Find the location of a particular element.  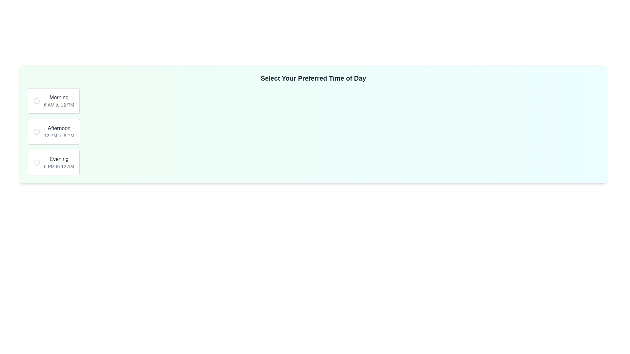

the Static Text Label displaying 'Afternoon', which is the first inline text of the second row in a vertical list of time period options is located at coordinates (59, 128).